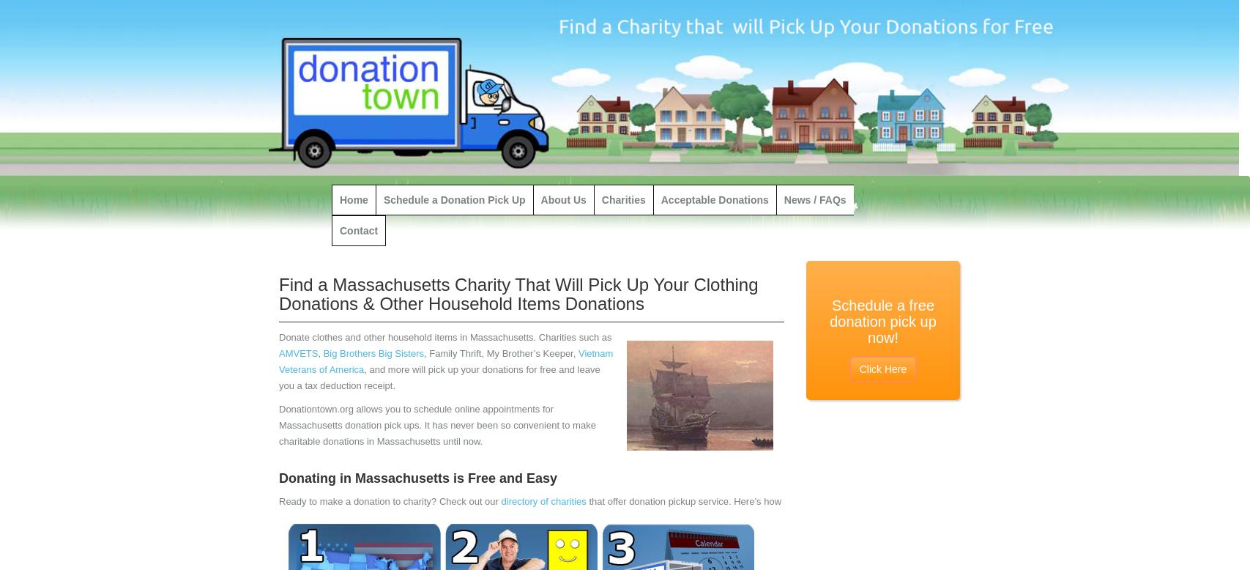 This screenshot has height=570, width=1250. Describe the element at coordinates (814, 200) in the screenshot. I see `'News / FAQs'` at that location.